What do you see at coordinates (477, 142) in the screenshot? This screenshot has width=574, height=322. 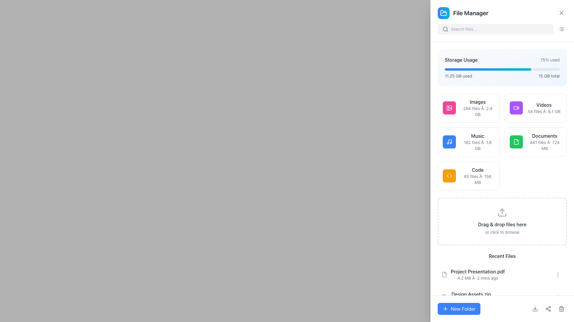 I see `the informational text block displaying the title 'Music' and details about storage usage` at bounding box center [477, 142].